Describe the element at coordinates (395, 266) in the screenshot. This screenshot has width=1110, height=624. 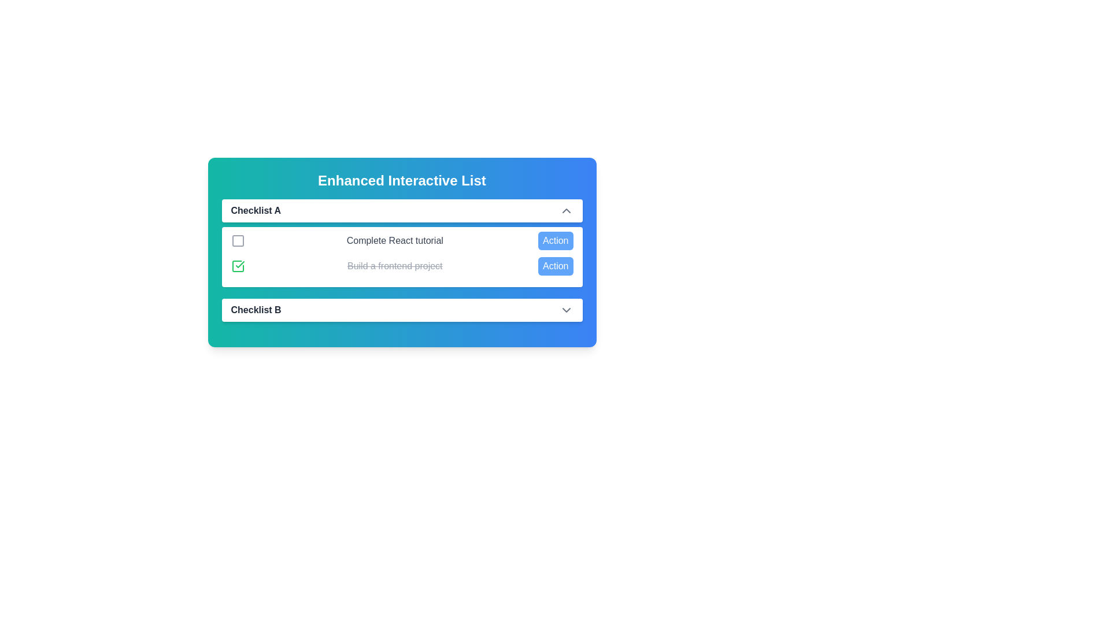
I see `the Text Label indicating a completed task in 'Checklist A', which is the second item in the list, positioned between a check icon and an 'Action' button` at that location.